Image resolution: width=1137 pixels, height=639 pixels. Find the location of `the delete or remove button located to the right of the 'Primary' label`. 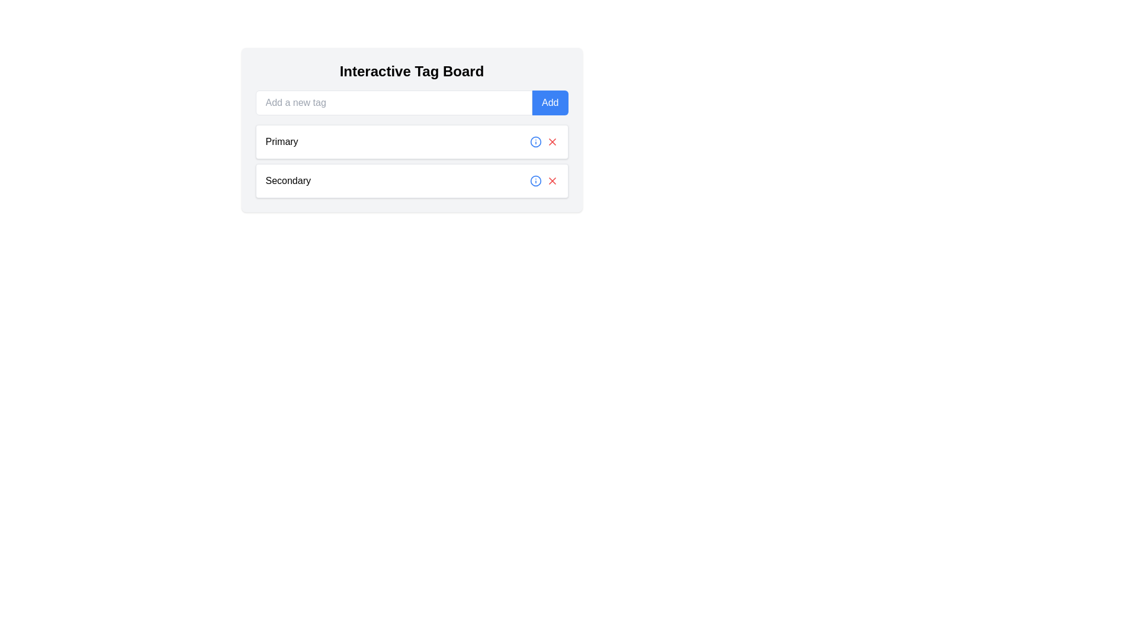

the delete or remove button located to the right of the 'Primary' label is located at coordinates (551, 141).